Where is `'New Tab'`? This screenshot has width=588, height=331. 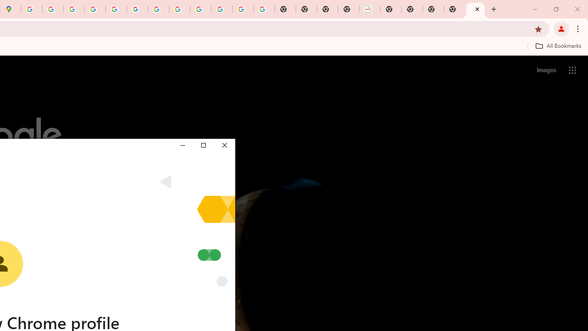 'New Tab' is located at coordinates (475, 9).